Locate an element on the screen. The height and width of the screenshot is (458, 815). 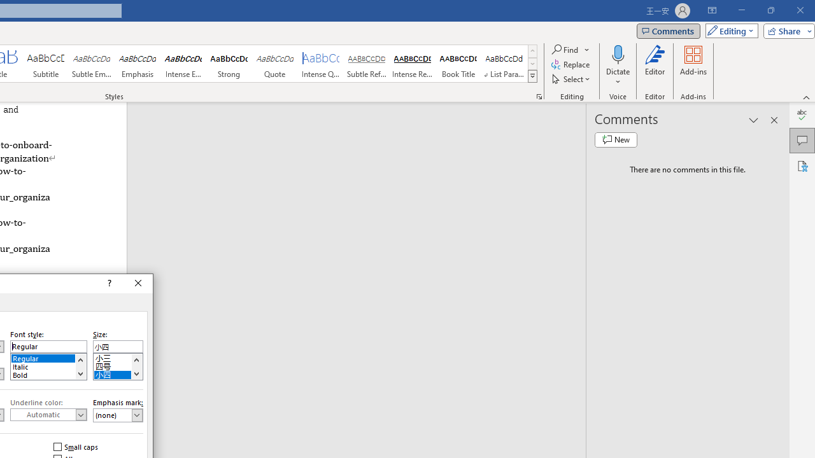
'Underline Color (Automatic)' is located at coordinates (48, 414).